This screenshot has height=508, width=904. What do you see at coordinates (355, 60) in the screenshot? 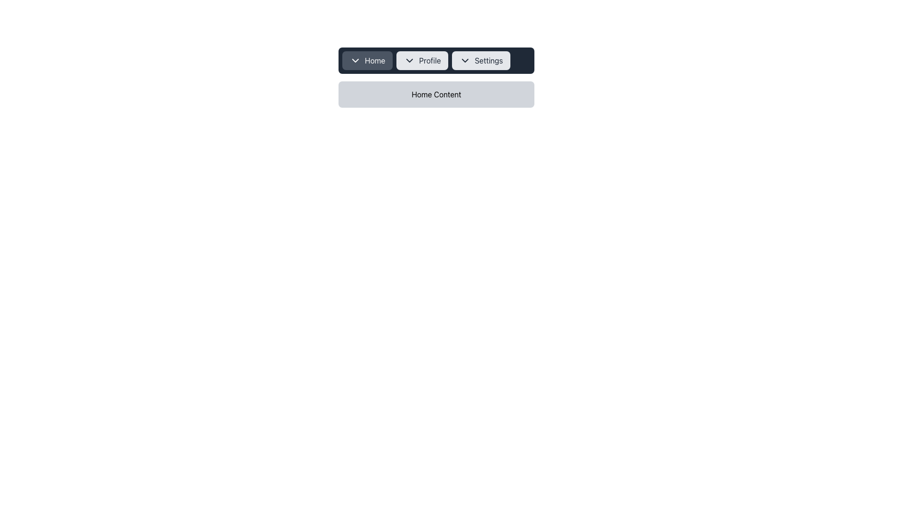
I see `the dropdown icon located to the left of the 'Home' label` at bounding box center [355, 60].